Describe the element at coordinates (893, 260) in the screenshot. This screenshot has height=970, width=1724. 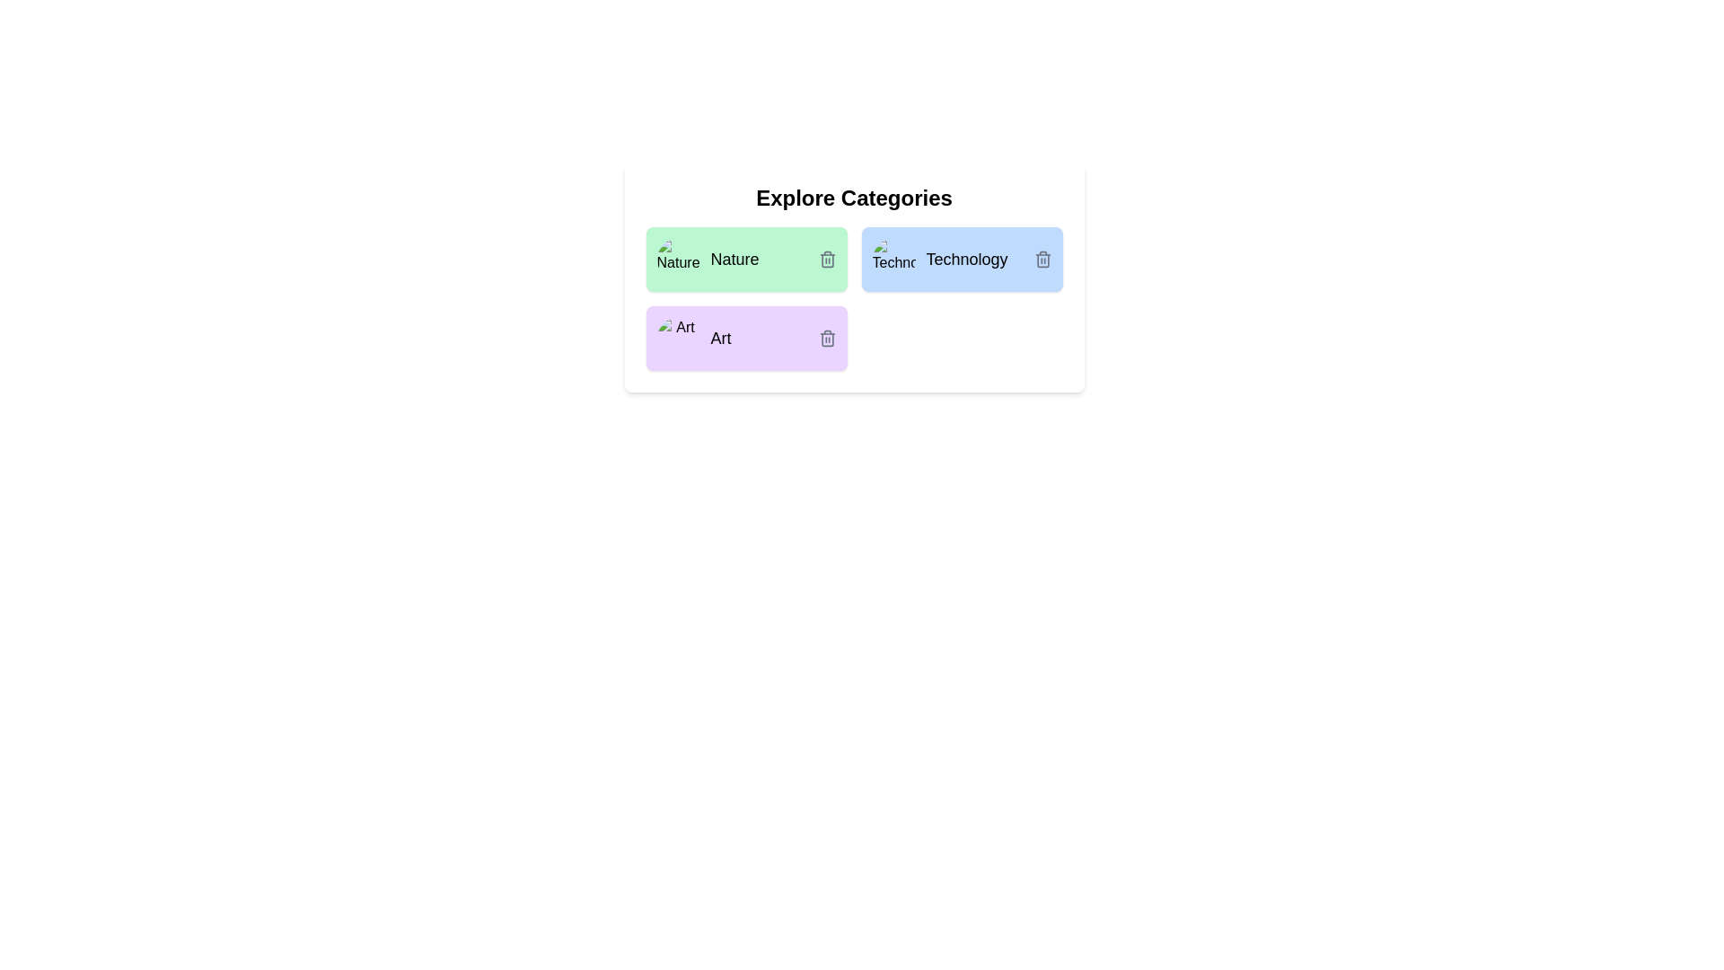
I see `the image of the chip labeled Technology to view its associated image` at that location.